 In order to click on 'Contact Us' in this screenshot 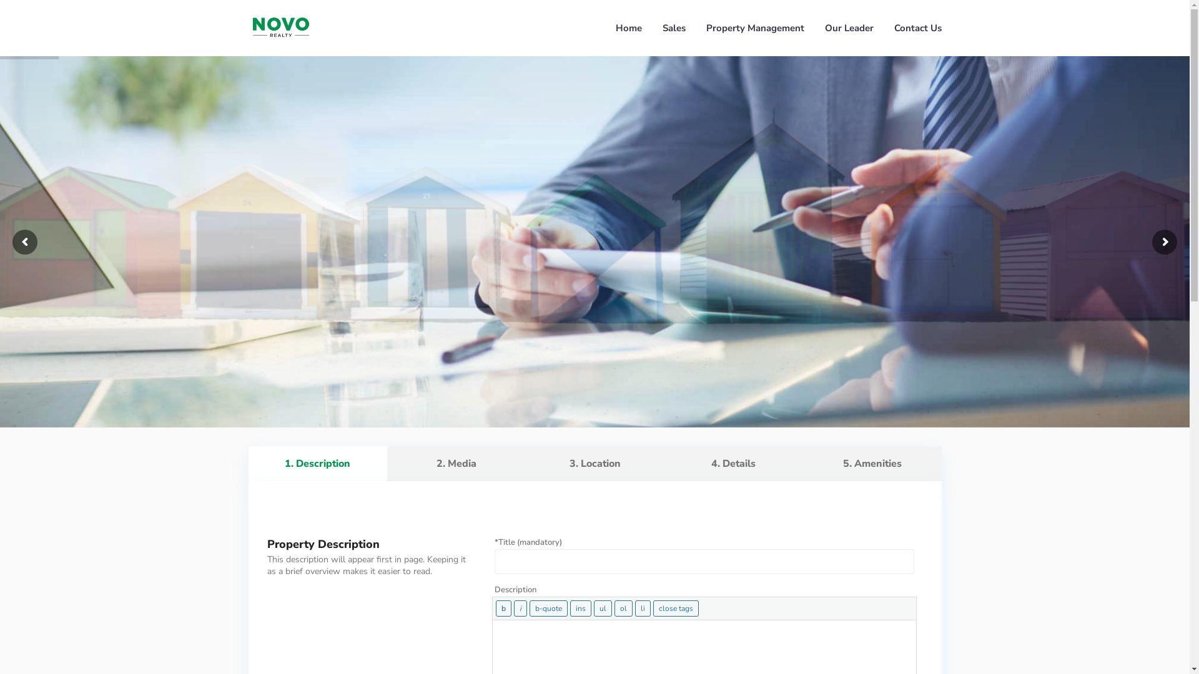, I will do `click(917, 28)`.